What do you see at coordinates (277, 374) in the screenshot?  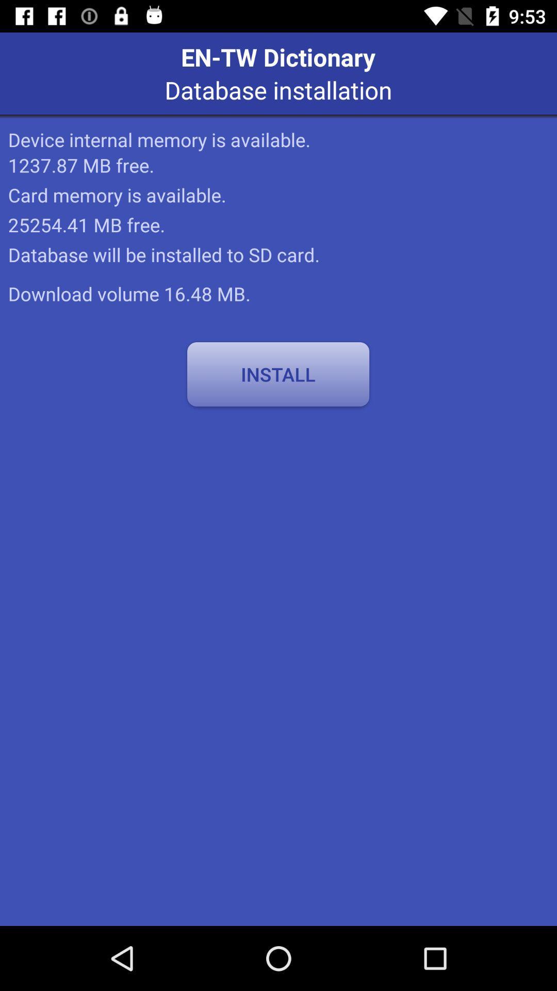 I see `the install item` at bounding box center [277, 374].